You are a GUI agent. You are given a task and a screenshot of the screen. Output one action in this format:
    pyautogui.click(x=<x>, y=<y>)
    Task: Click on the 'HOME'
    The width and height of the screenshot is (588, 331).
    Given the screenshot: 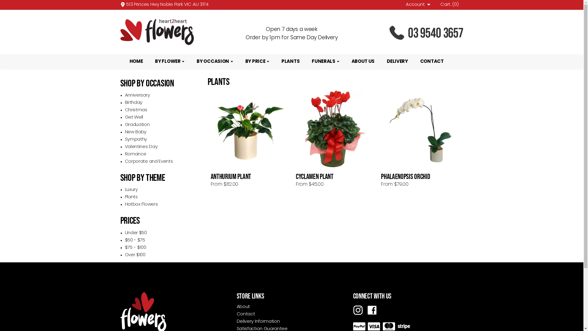 What is the action you would take?
    pyautogui.click(x=136, y=62)
    